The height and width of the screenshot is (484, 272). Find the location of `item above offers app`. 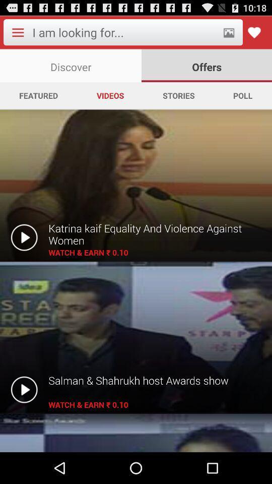

item above offers app is located at coordinates (229, 32).